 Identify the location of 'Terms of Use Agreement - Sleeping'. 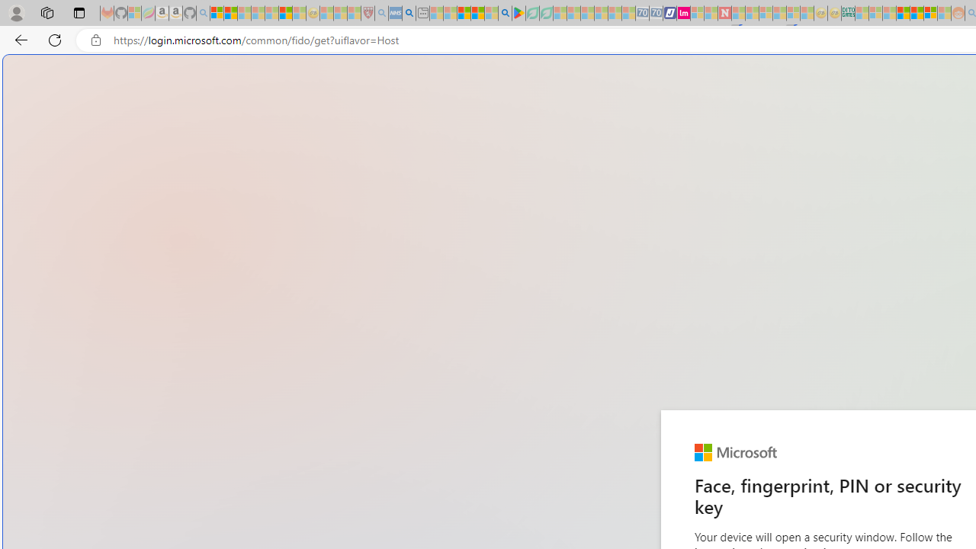
(532, 13).